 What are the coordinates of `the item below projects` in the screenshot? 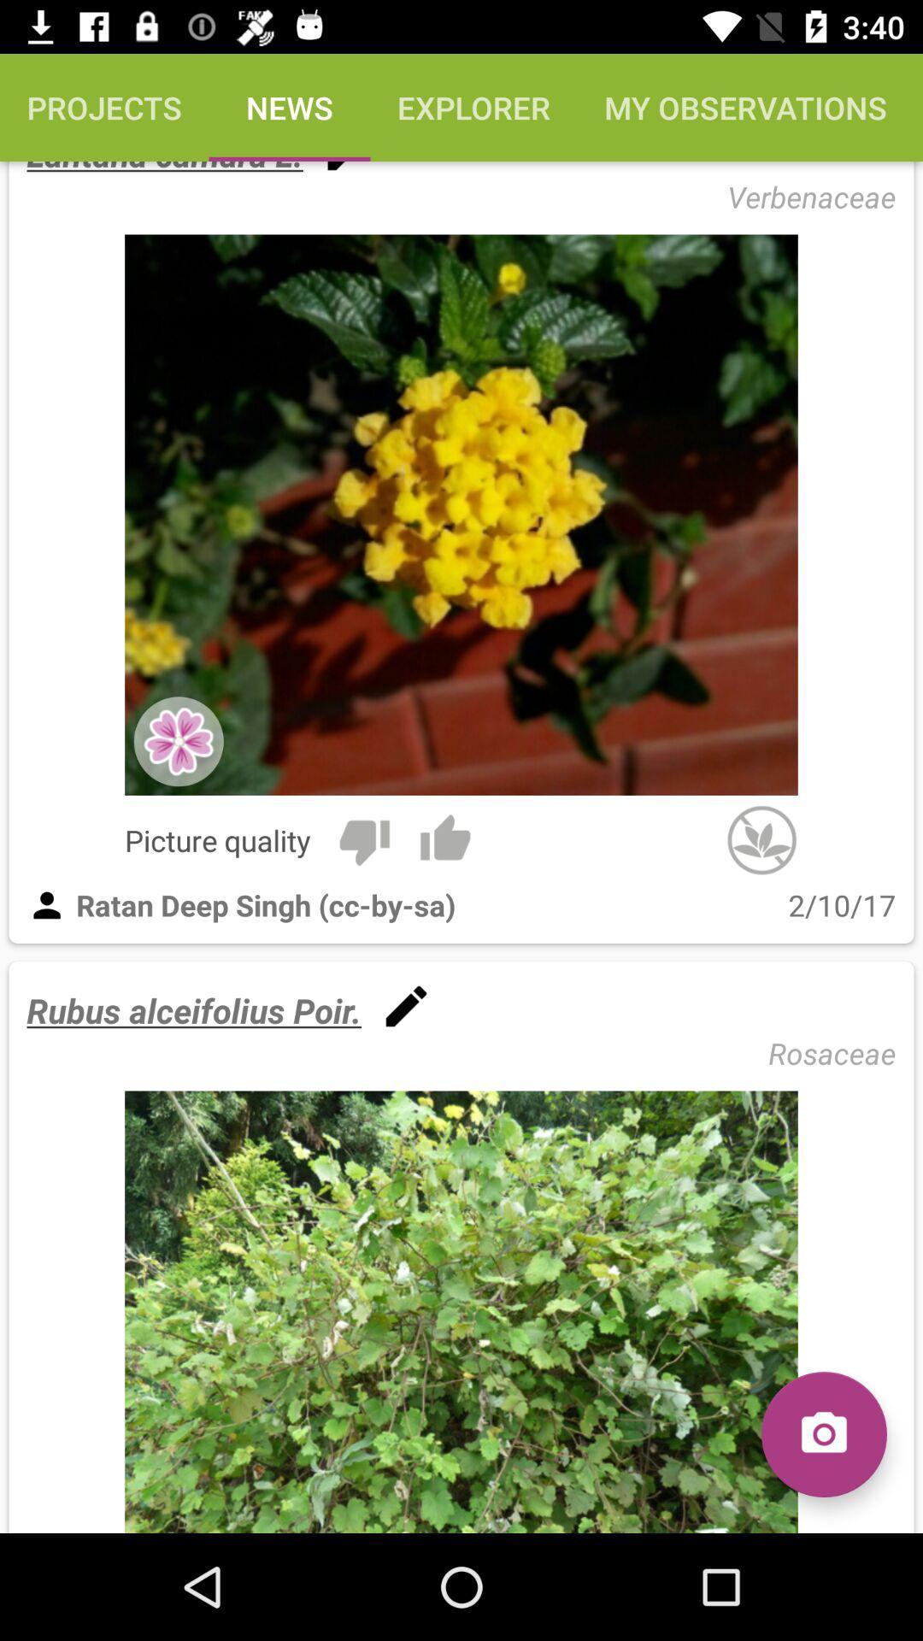 It's located at (165, 168).